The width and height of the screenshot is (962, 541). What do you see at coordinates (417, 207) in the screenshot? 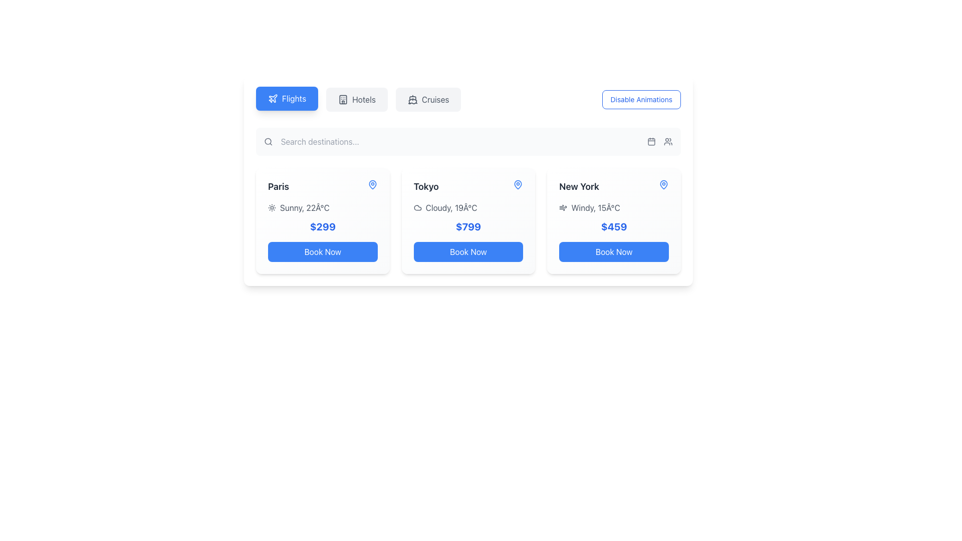
I see `the weather condition icon representing 'Cloudy' for Tokyo, which is positioned before the text 'Cloudy, 19°C'` at bounding box center [417, 207].